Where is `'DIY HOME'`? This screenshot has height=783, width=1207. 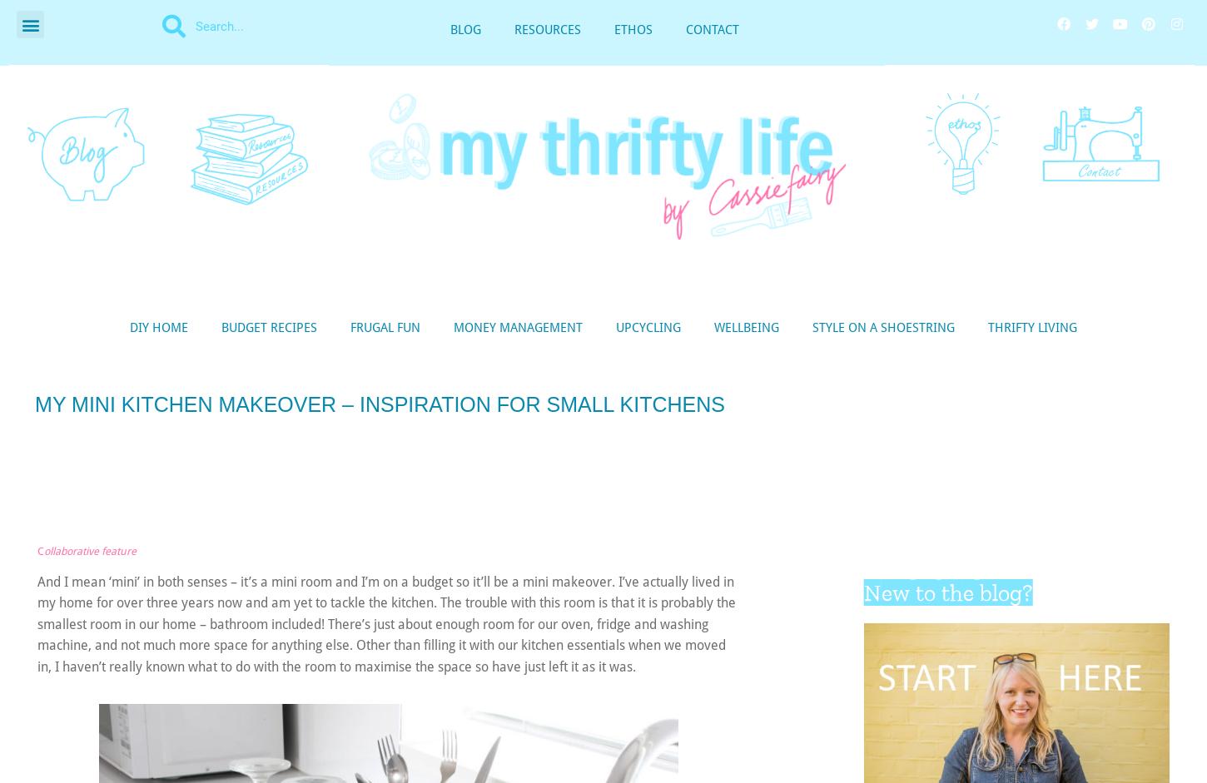 'DIY HOME' is located at coordinates (157, 326).